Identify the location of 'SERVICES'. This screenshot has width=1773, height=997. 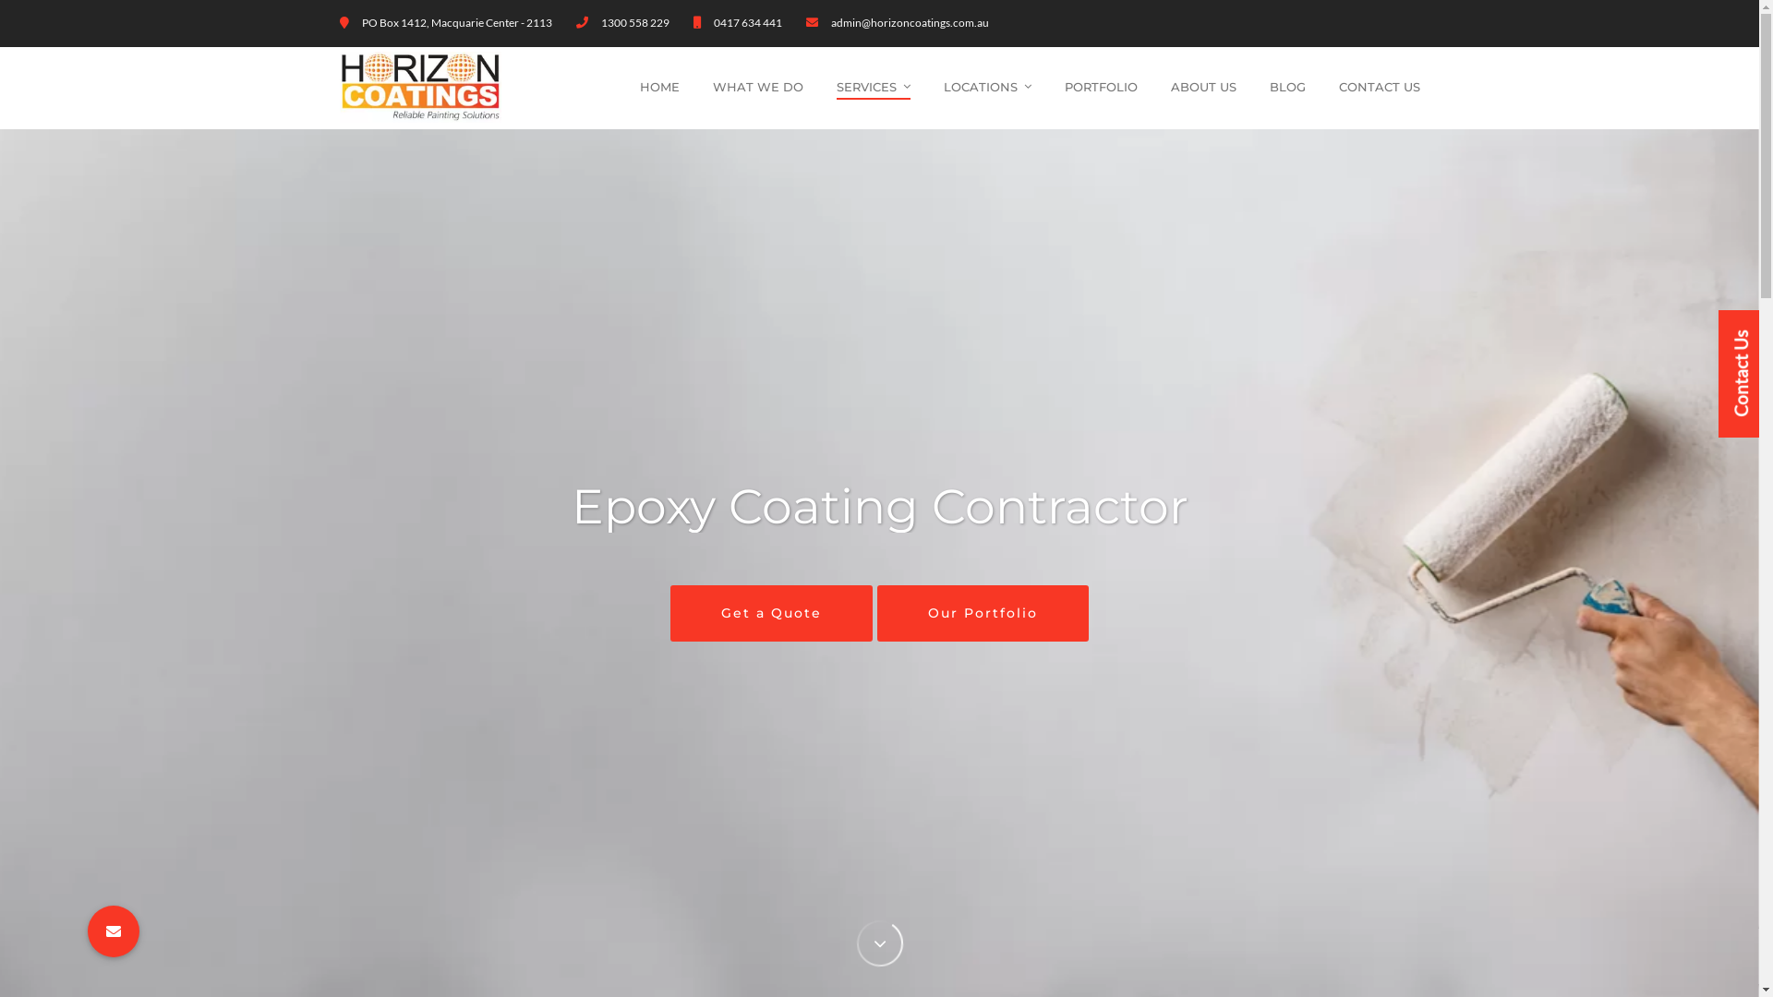
(836, 86).